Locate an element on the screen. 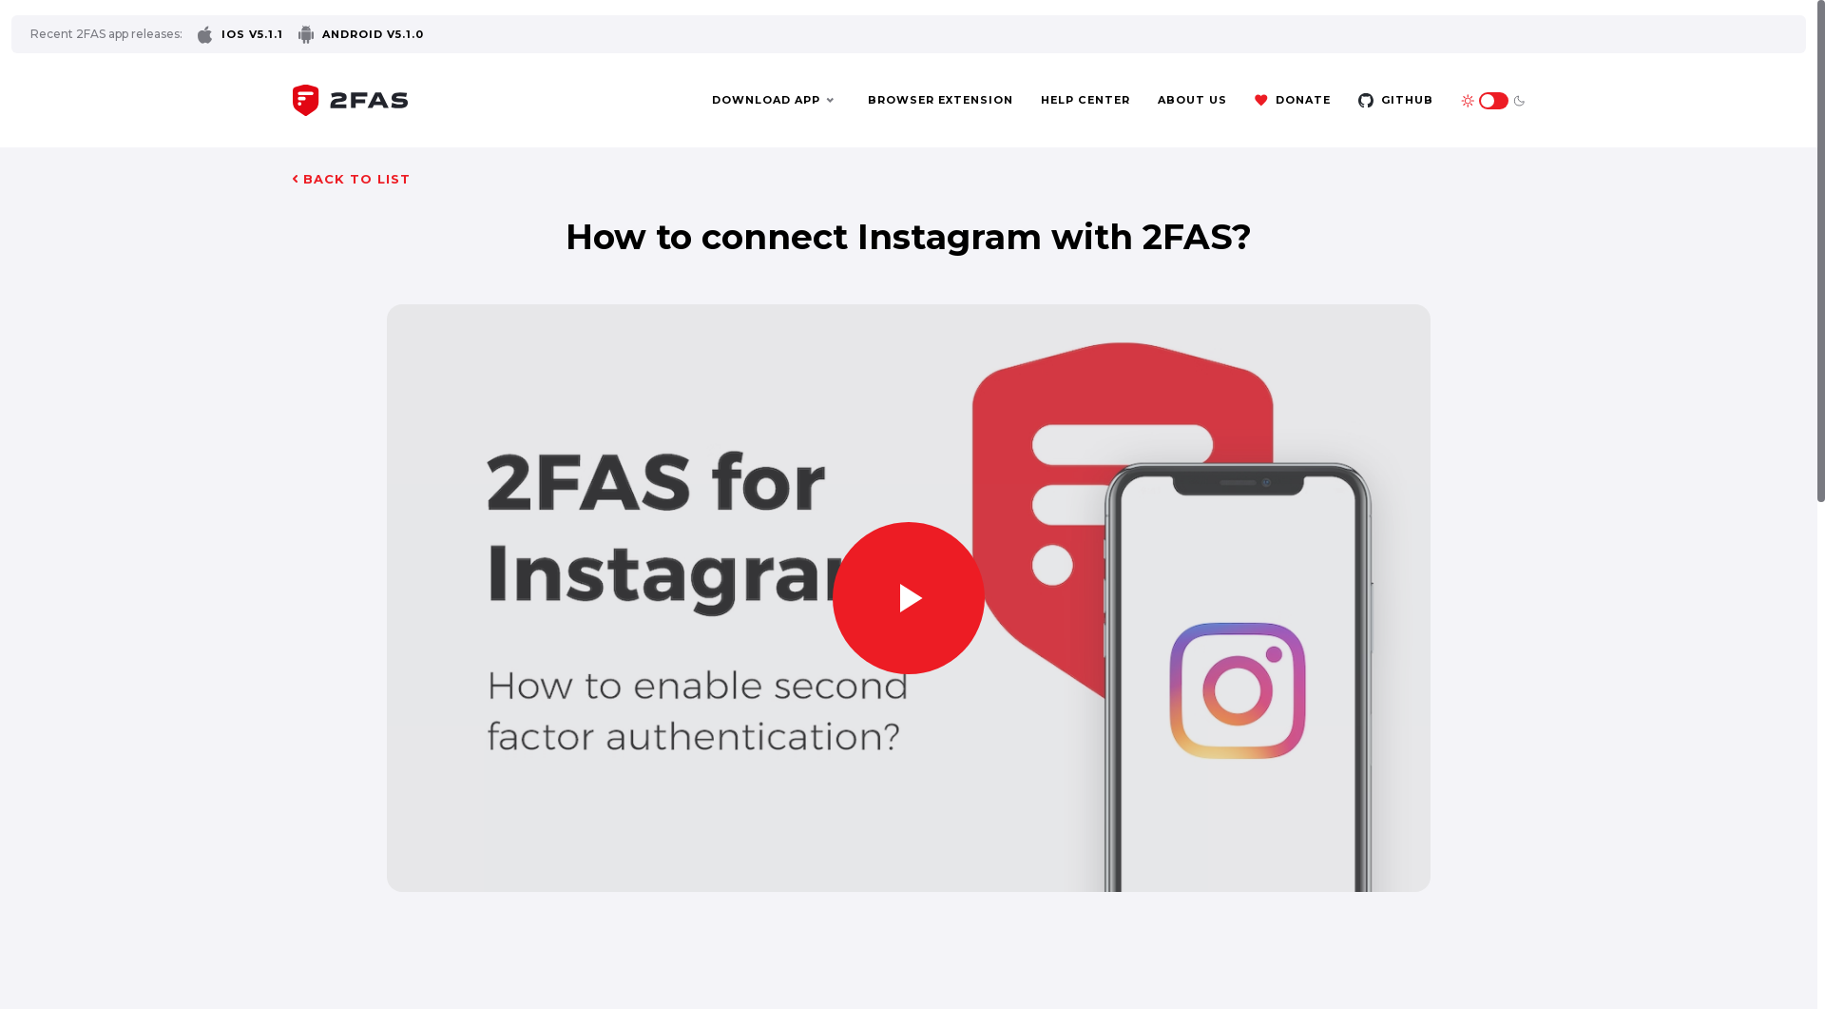 The height and width of the screenshot is (1027, 1825). 'DONATE' is located at coordinates (1292, 100).